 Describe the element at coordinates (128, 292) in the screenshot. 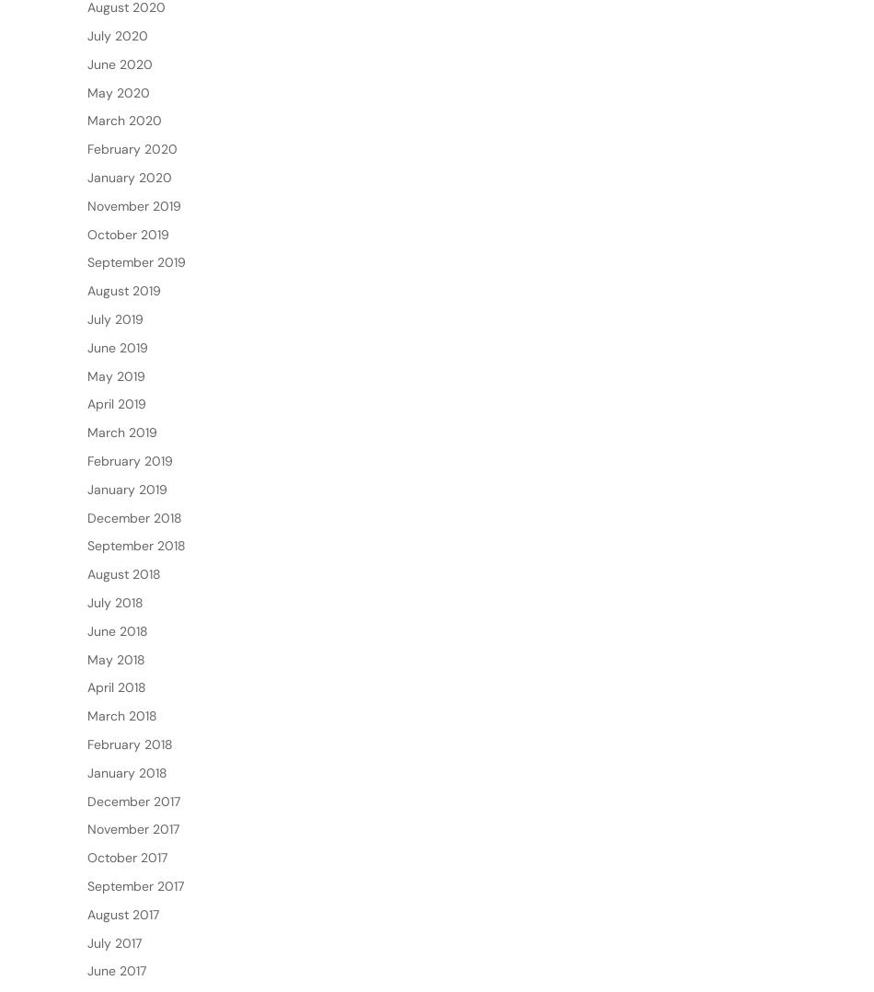

I see `'October 2019'` at that location.